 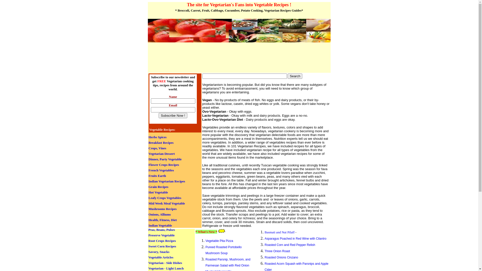 I want to click on 'French Vegetables', so click(x=161, y=170).